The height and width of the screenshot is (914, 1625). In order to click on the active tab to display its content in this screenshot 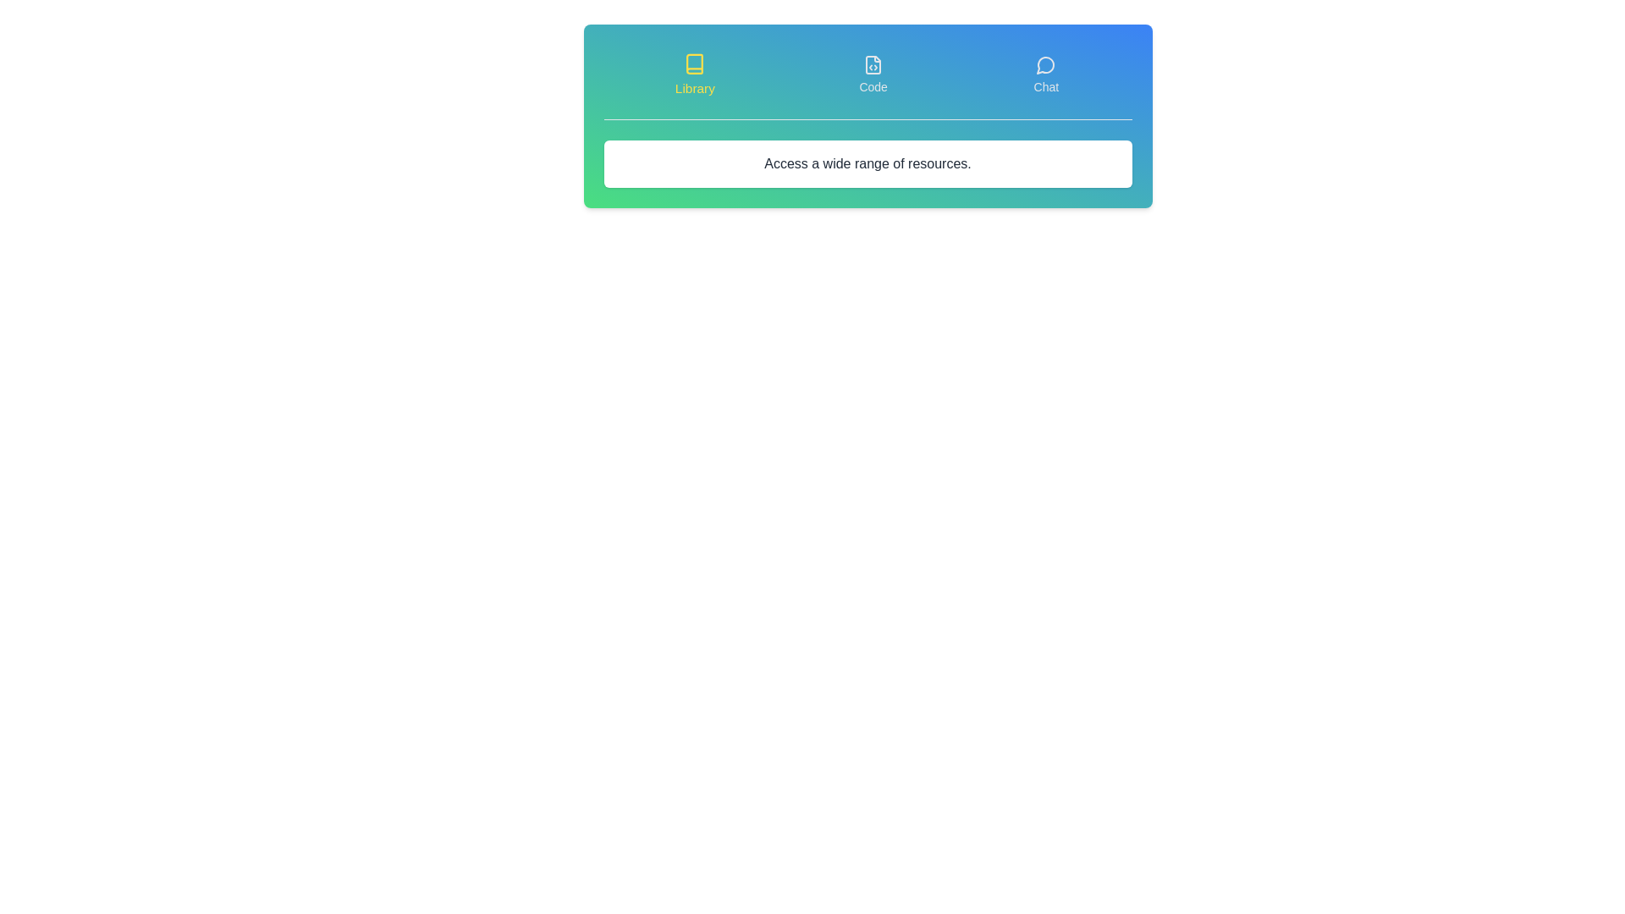, I will do `click(695, 74)`.